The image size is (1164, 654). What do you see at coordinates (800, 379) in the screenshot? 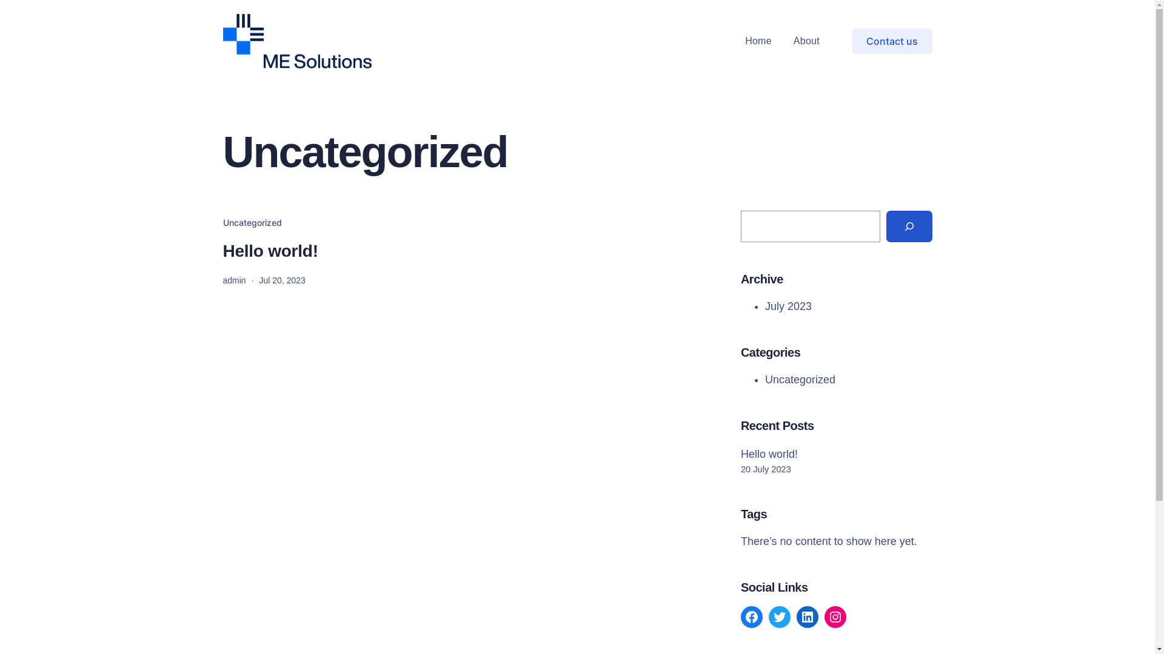
I see `'Uncategorized'` at bounding box center [800, 379].